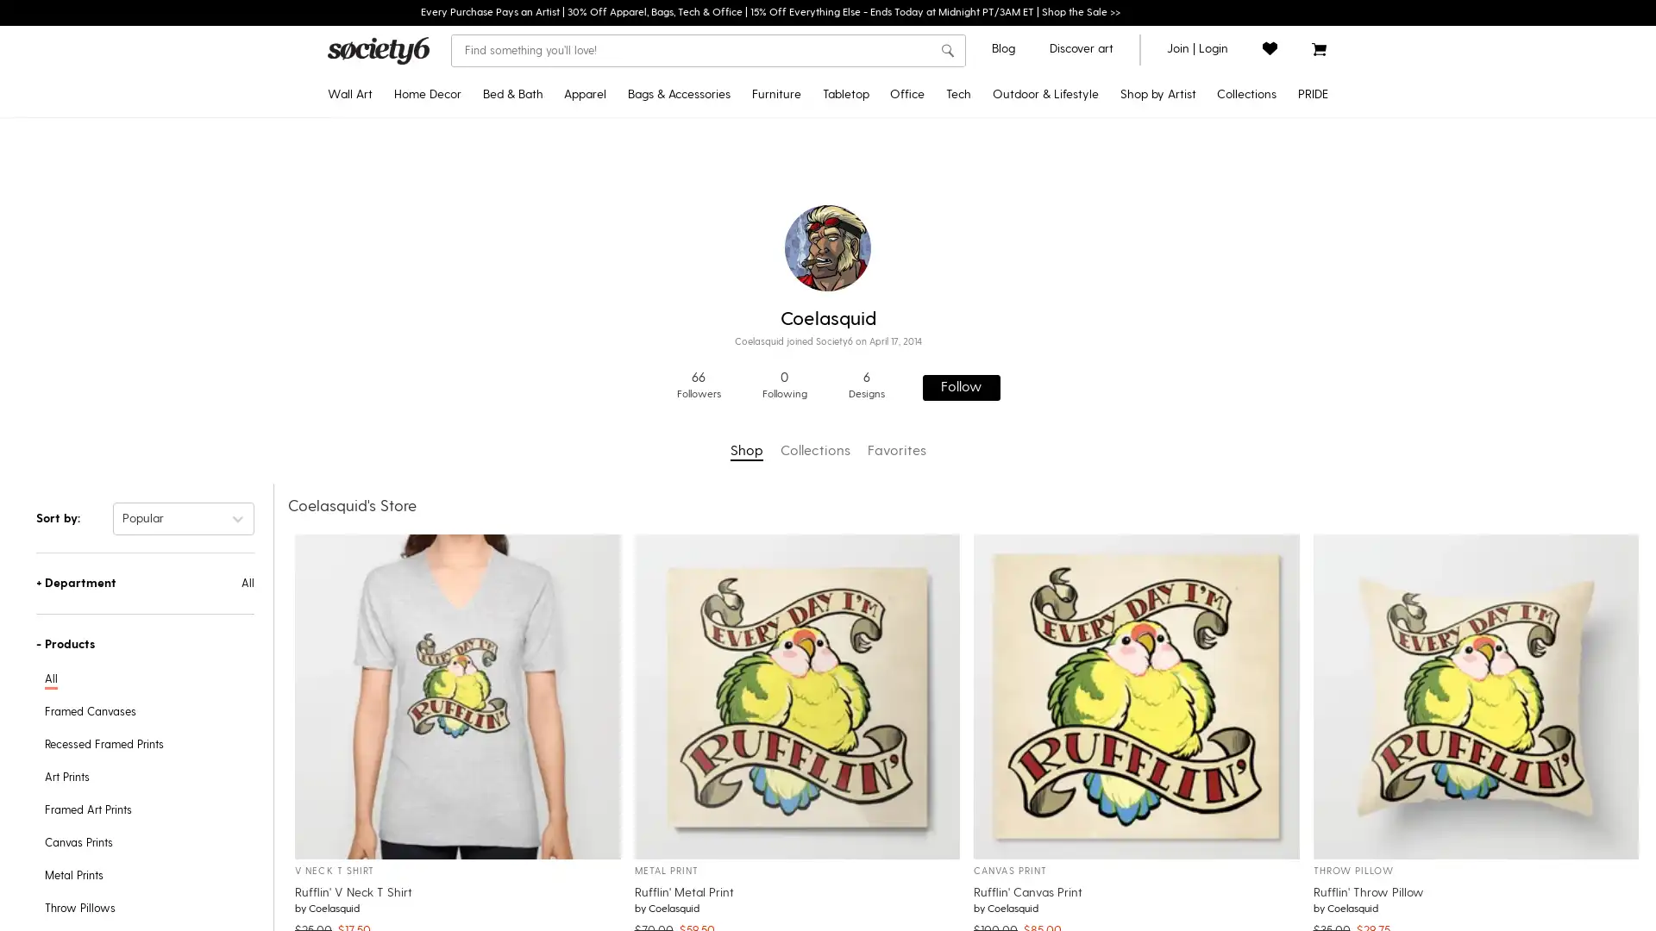  I want to click on Wall Clocks, so click(460, 332).